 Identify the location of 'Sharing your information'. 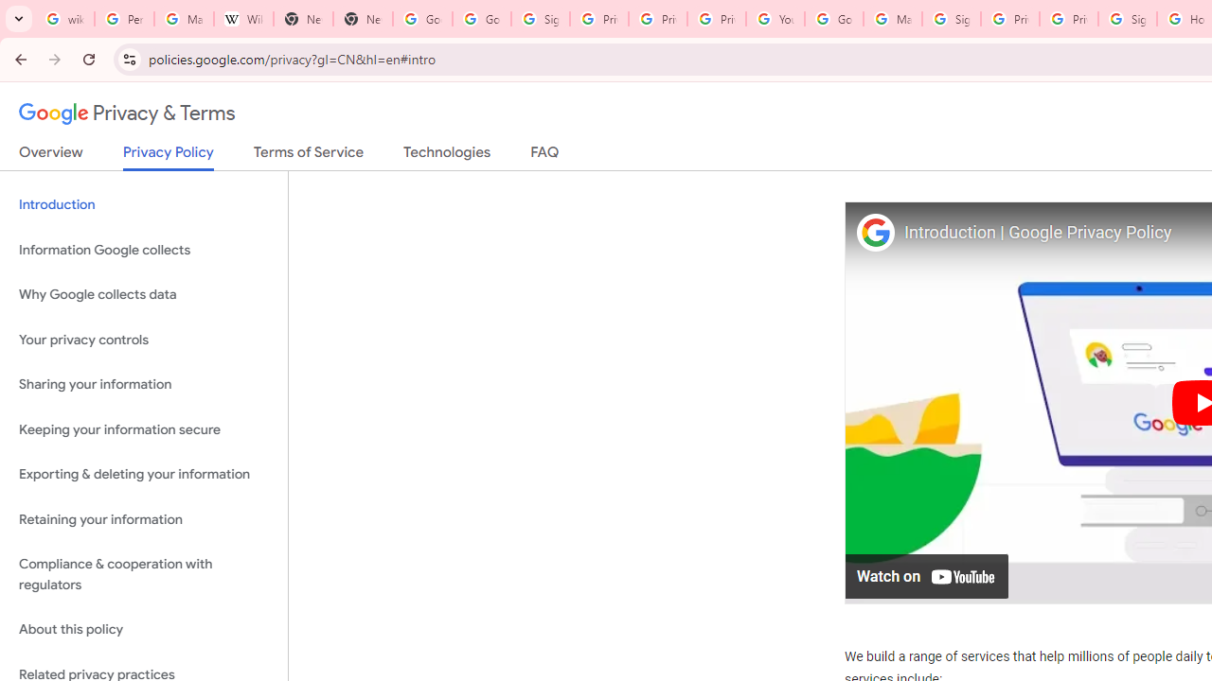
(143, 384).